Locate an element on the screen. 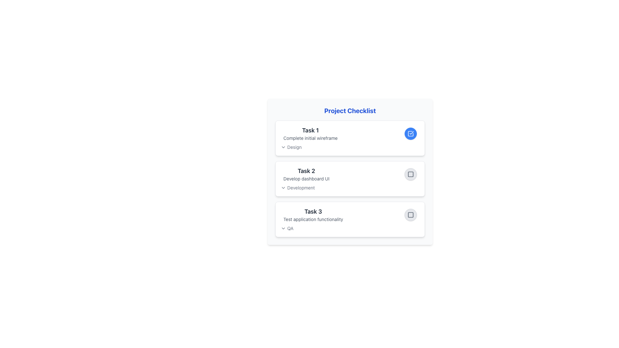 This screenshot has width=619, height=348. the text label that reads 'Task 3', which is the title of the third item in a checklist interface, prominently displayed in bold dark gray font is located at coordinates (313, 211).